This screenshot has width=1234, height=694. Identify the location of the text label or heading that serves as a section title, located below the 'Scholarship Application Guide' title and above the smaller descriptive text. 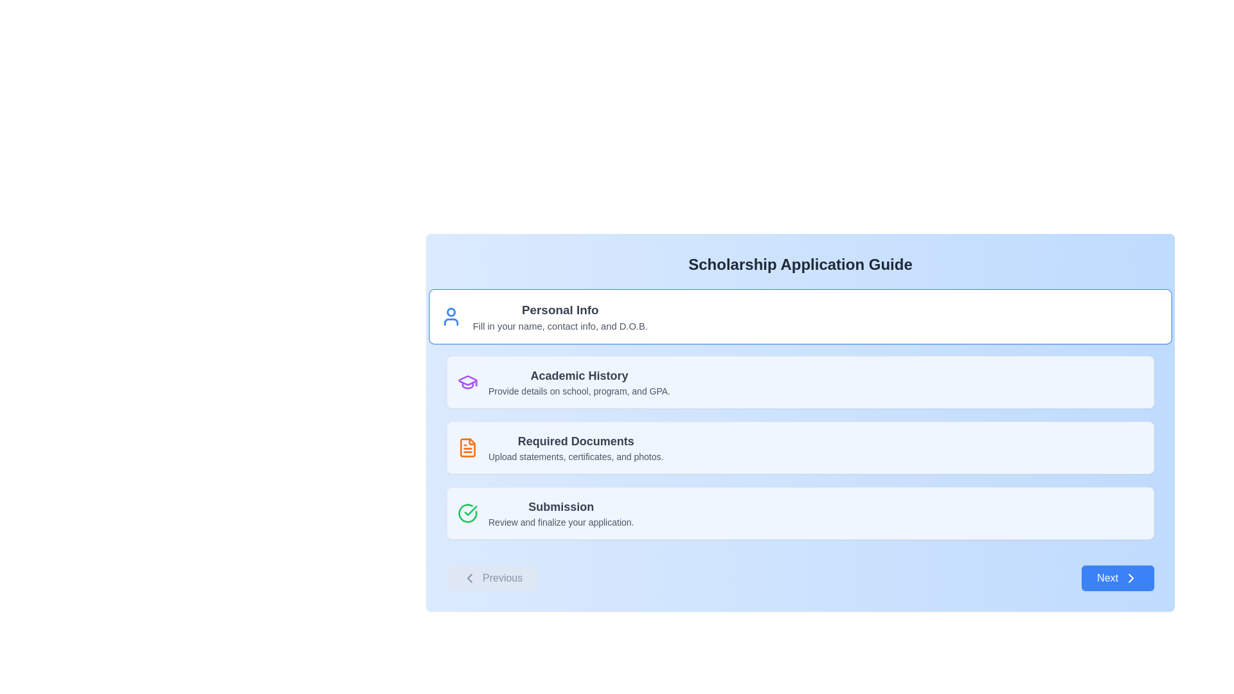
(560, 310).